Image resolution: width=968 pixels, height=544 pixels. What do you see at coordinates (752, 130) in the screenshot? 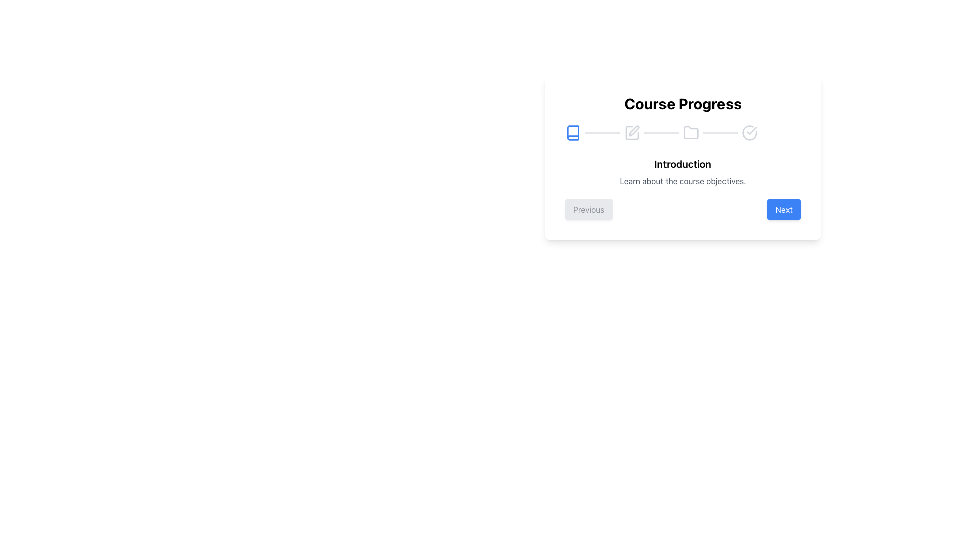
I see `the vector graphic representation of the checkmark icon indicating completion in the Course Progress section` at bounding box center [752, 130].